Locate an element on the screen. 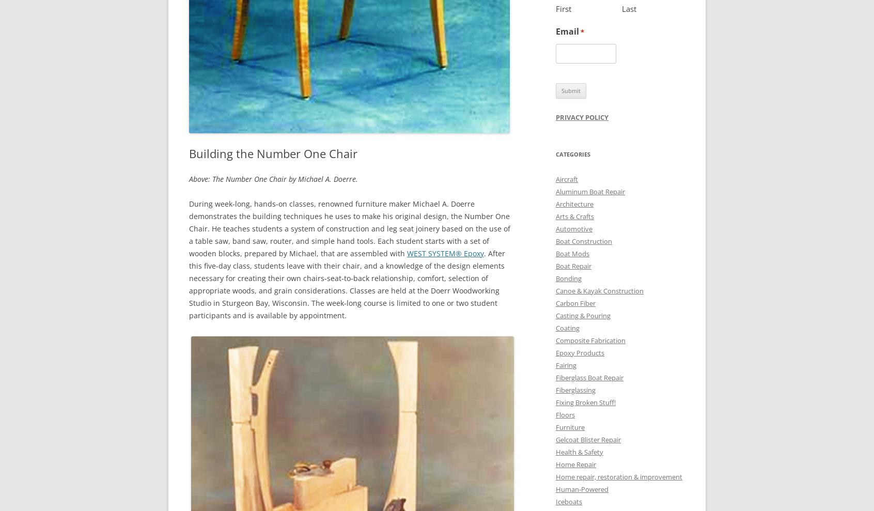 The height and width of the screenshot is (511, 874). 'Aluminum Boat Repair' is located at coordinates (555, 190).